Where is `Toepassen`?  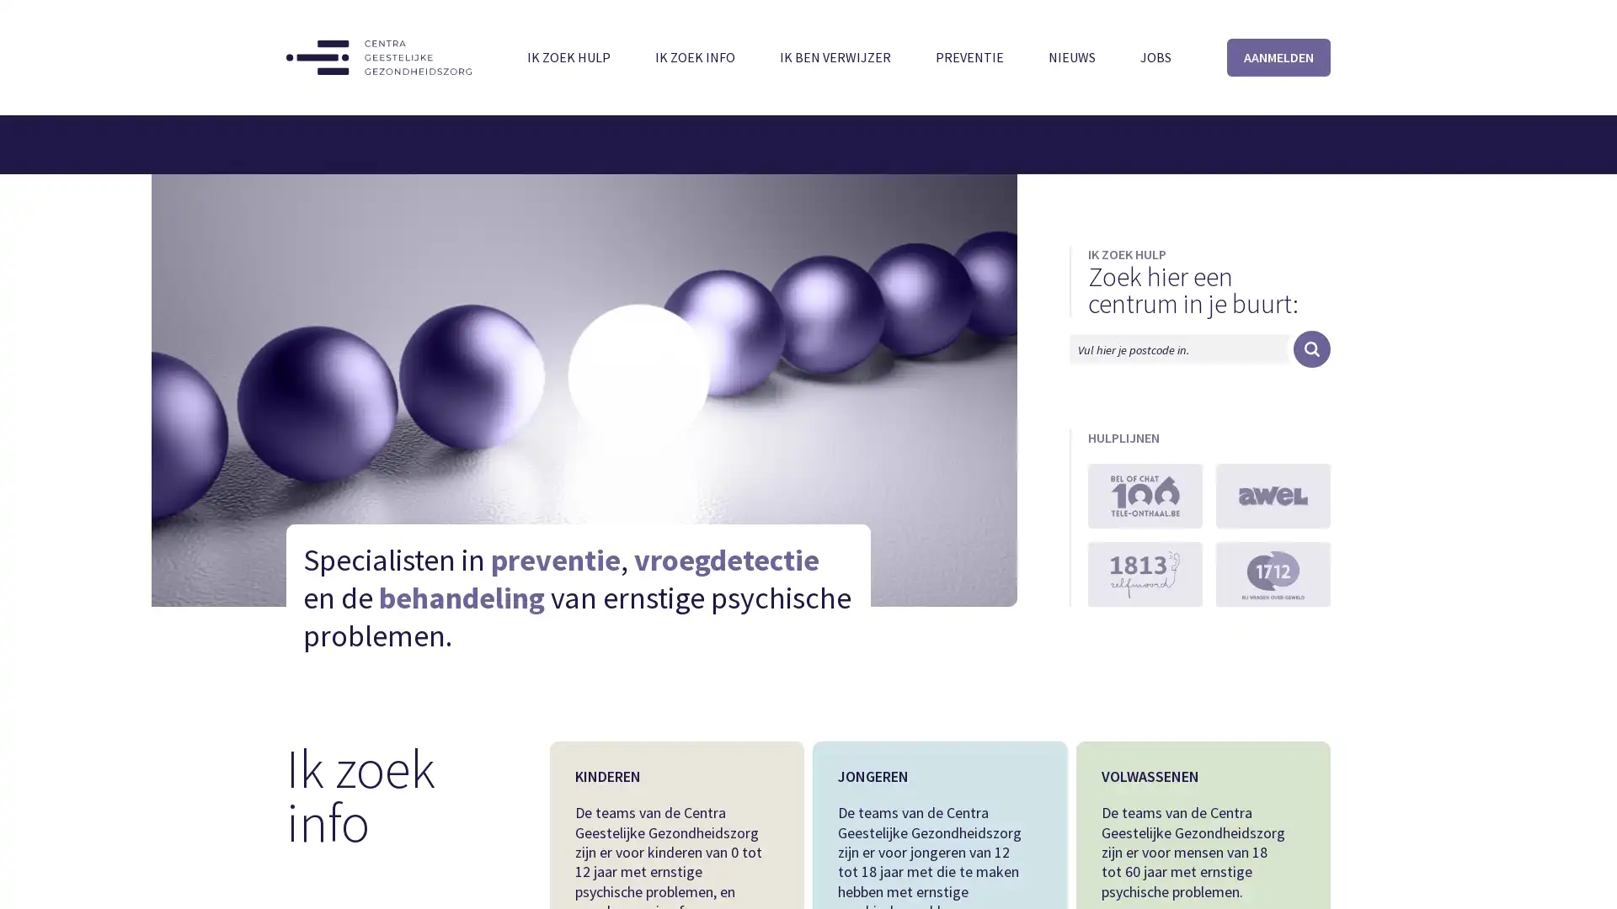 Toepassen is located at coordinates (1311, 348).